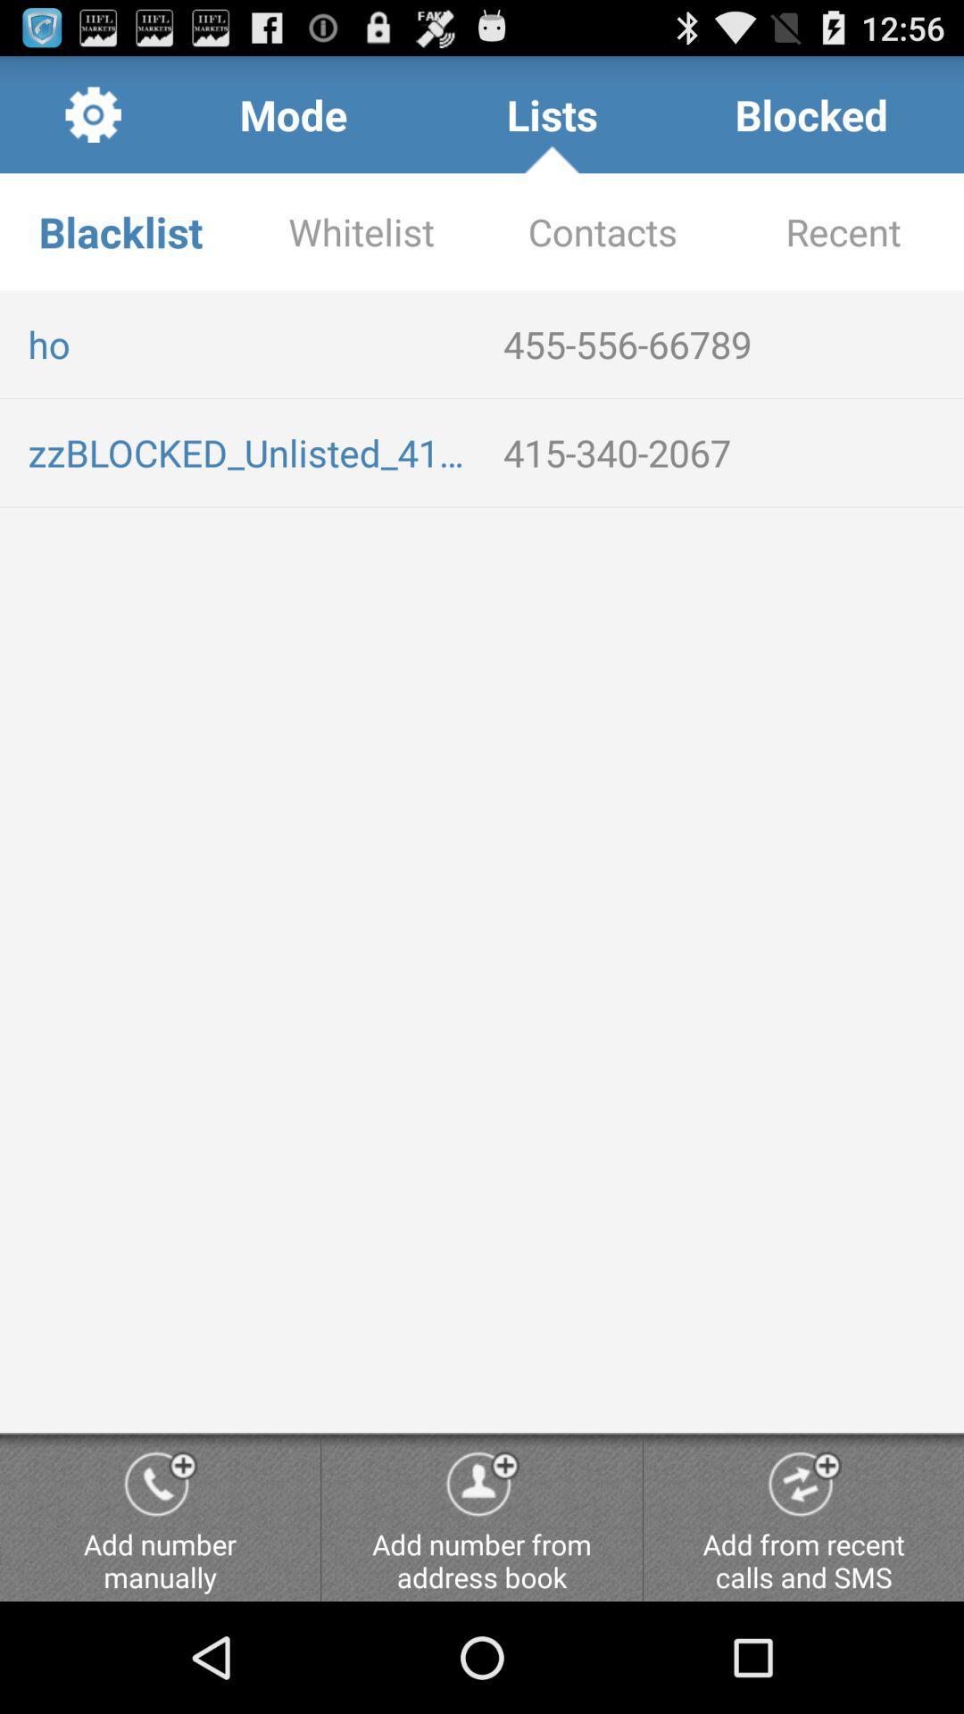 The height and width of the screenshot is (1714, 964). I want to click on item above the blacklist icon, so click(292, 113).